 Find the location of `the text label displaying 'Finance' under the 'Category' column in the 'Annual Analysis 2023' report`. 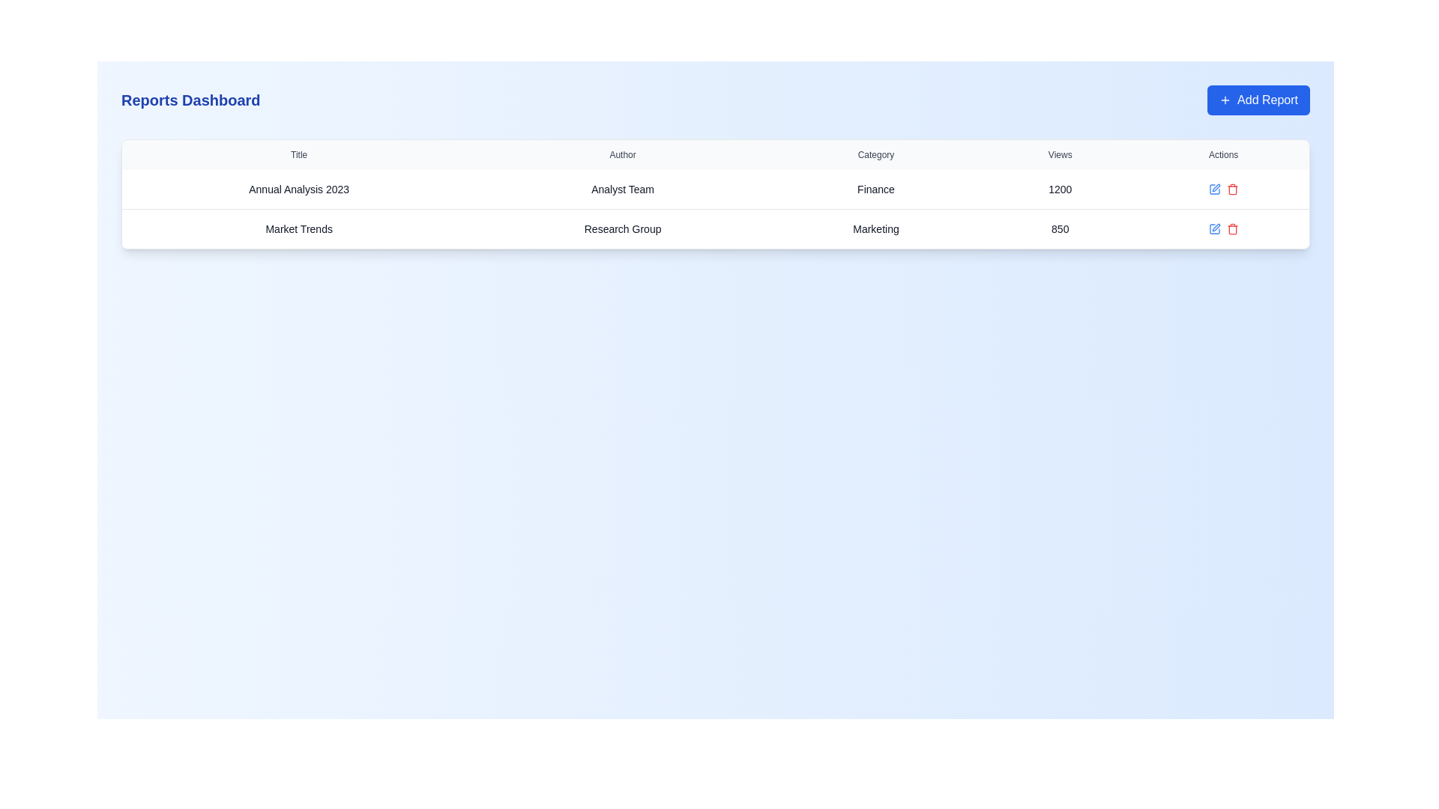

the text label displaying 'Finance' under the 'Category' column in the 'Annual Analysis 2023' report is located at coordinates (875, 189).